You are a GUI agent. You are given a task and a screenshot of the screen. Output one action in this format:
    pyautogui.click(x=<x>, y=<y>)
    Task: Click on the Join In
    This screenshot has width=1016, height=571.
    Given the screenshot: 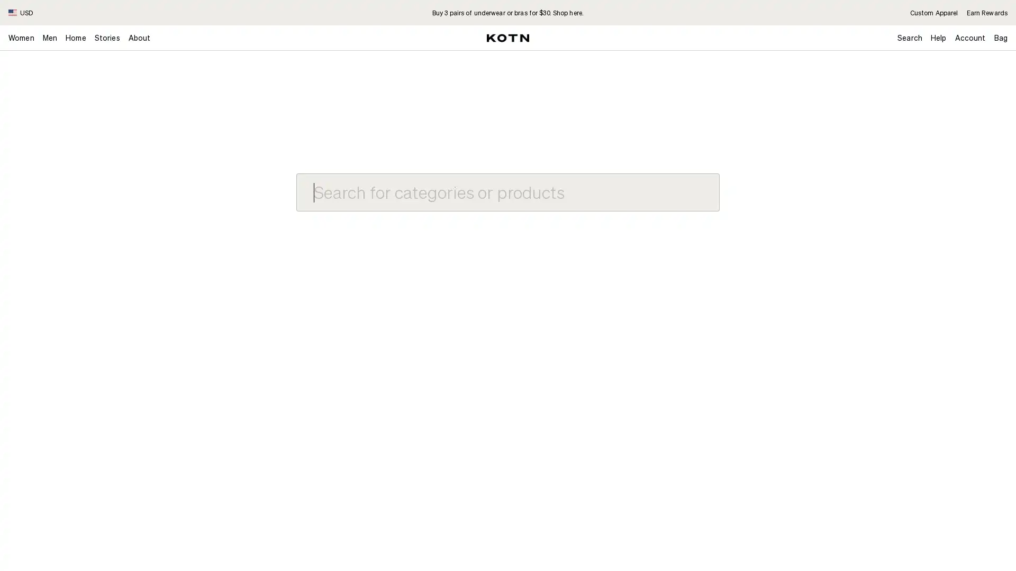 What is the action you would take?
    pyautogui.click(x=972, y=127)
    